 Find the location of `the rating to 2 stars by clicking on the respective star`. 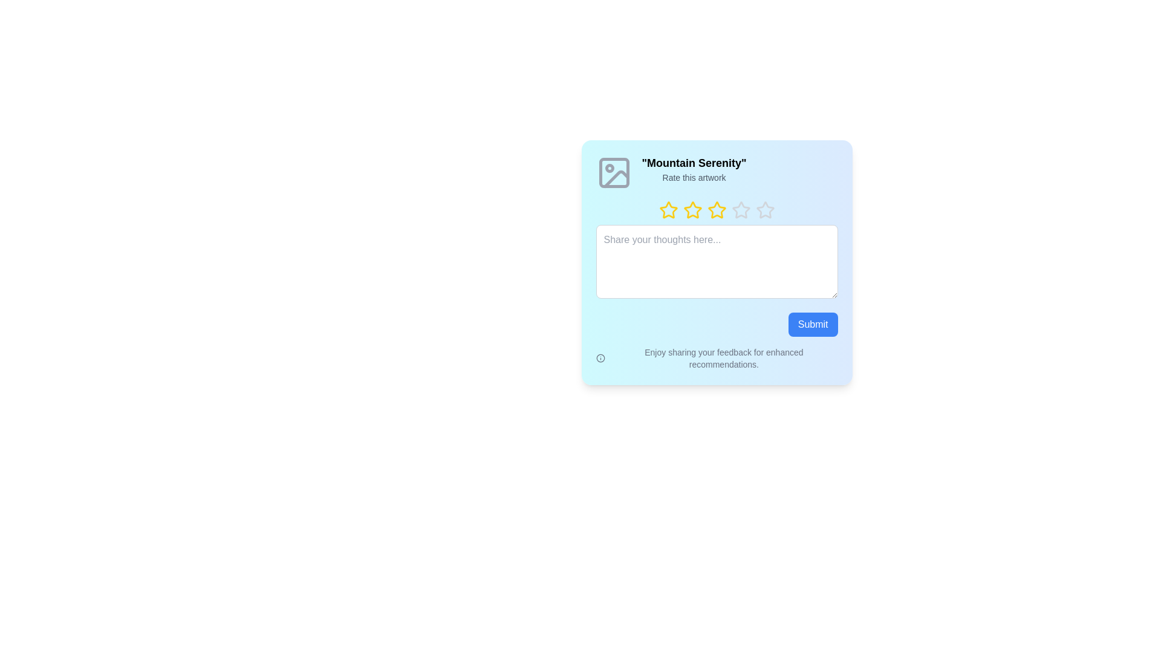

the rating to 2 stars by clicking on the respective star is located at coordinates (683, 209).